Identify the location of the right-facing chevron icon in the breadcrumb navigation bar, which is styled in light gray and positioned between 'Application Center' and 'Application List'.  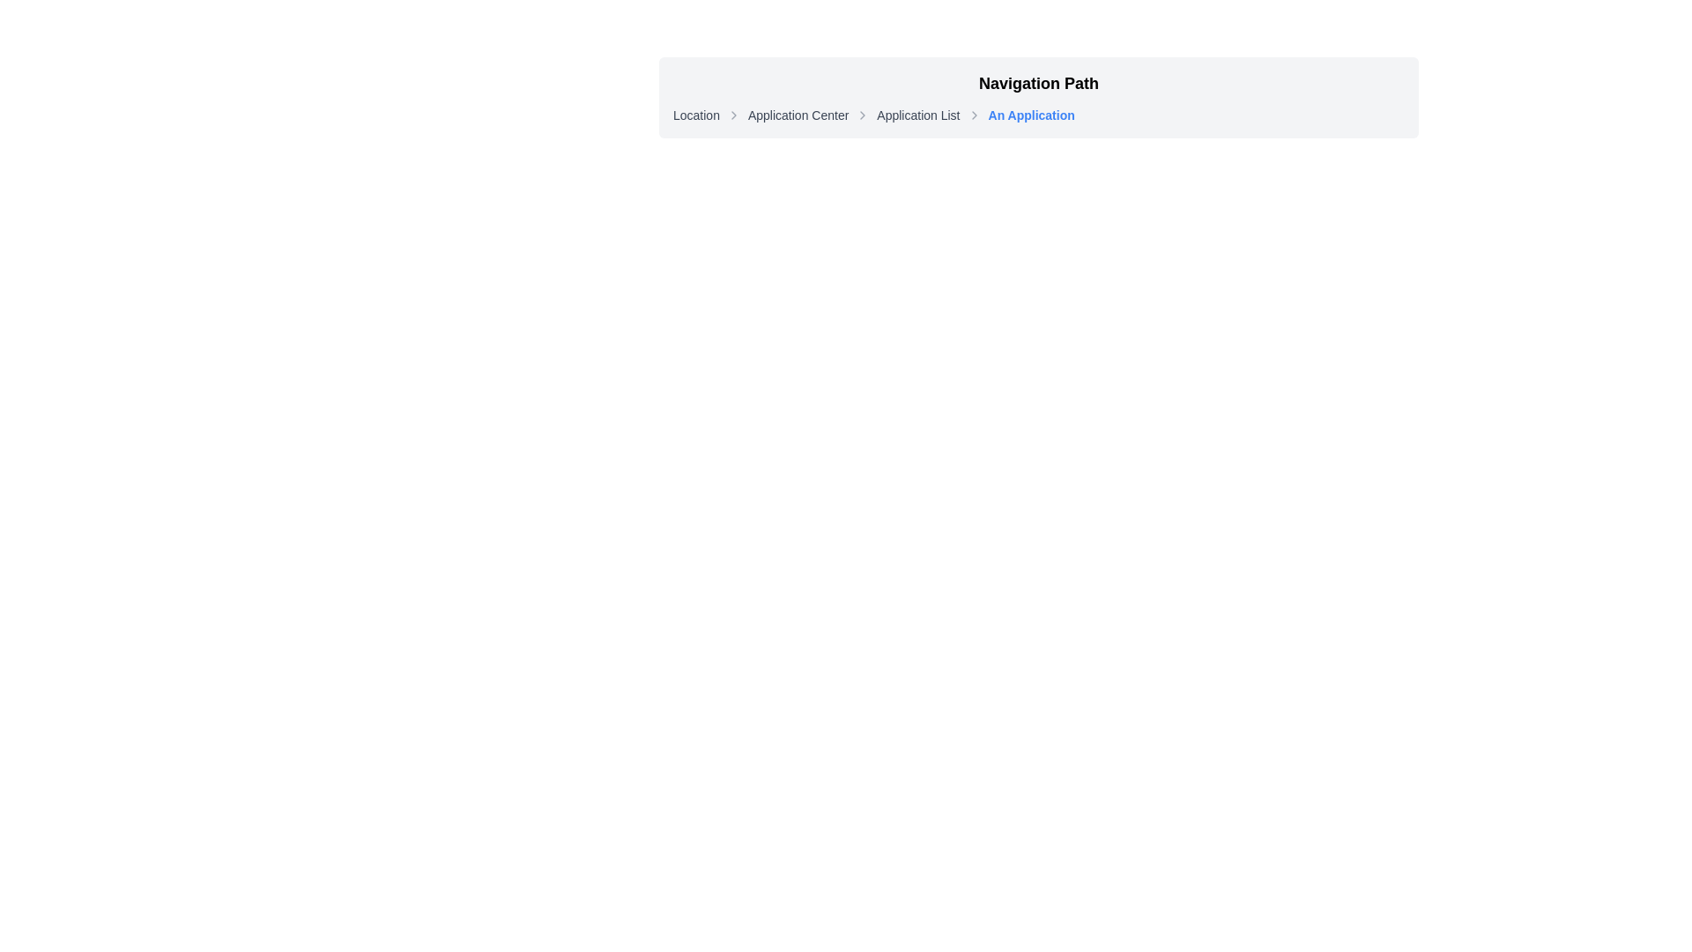
(863, 115).